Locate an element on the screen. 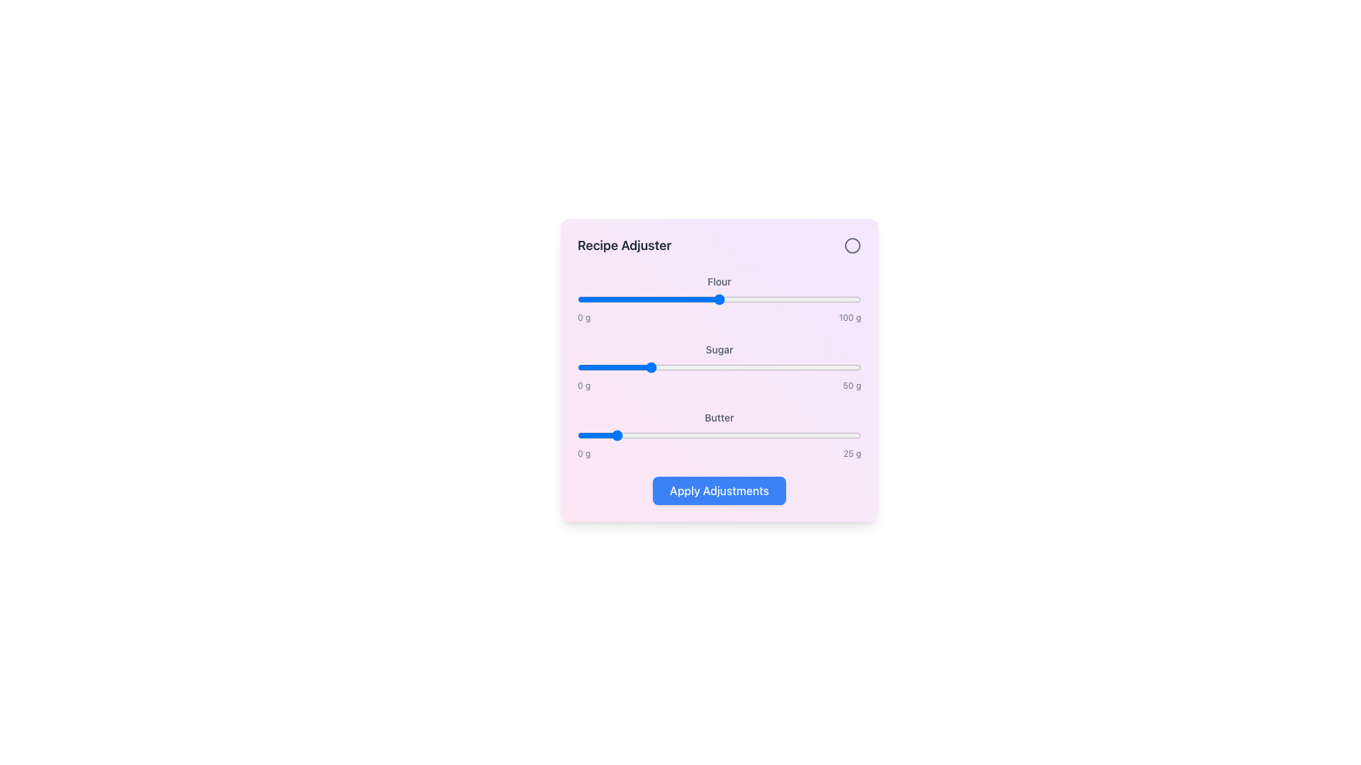 The image size is (1361, 765). the static text displaying numerical range values that shows '0 g' on the left and '100 g' on the right, positioned directly beneath the 'Flour' slider is located at coordinates (719, 317).